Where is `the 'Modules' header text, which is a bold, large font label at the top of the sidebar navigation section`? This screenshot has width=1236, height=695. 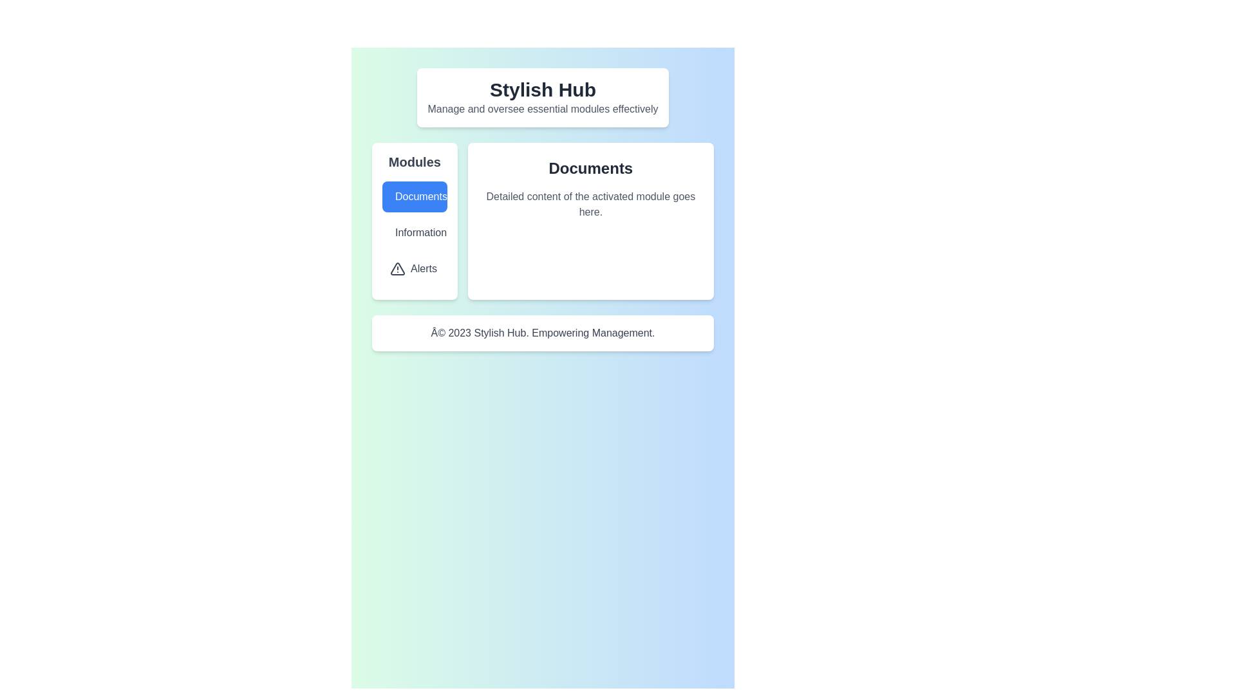 the 'Modules' header text, which is a bold, large font label at the top of the sidebar navigation section is located at coordinates (415, 161).